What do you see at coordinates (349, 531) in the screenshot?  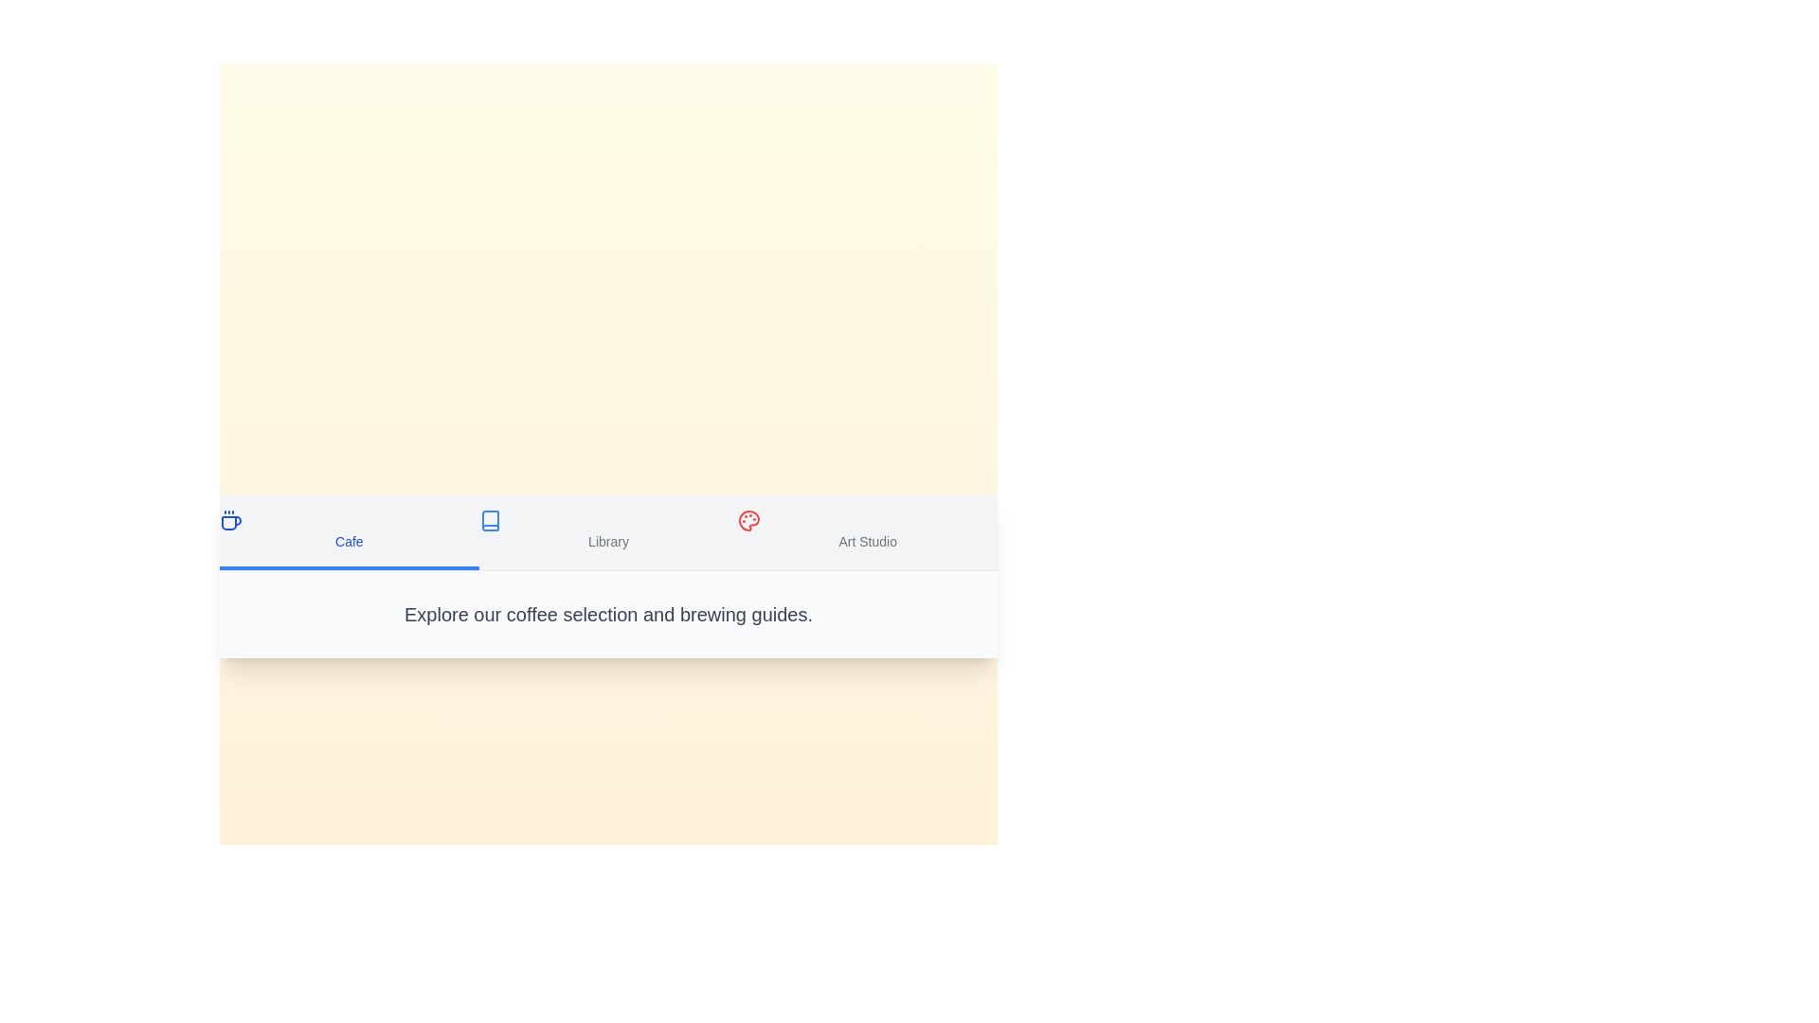 I see `the tab corresponding to Cafe` at bounding box center [349, 531].